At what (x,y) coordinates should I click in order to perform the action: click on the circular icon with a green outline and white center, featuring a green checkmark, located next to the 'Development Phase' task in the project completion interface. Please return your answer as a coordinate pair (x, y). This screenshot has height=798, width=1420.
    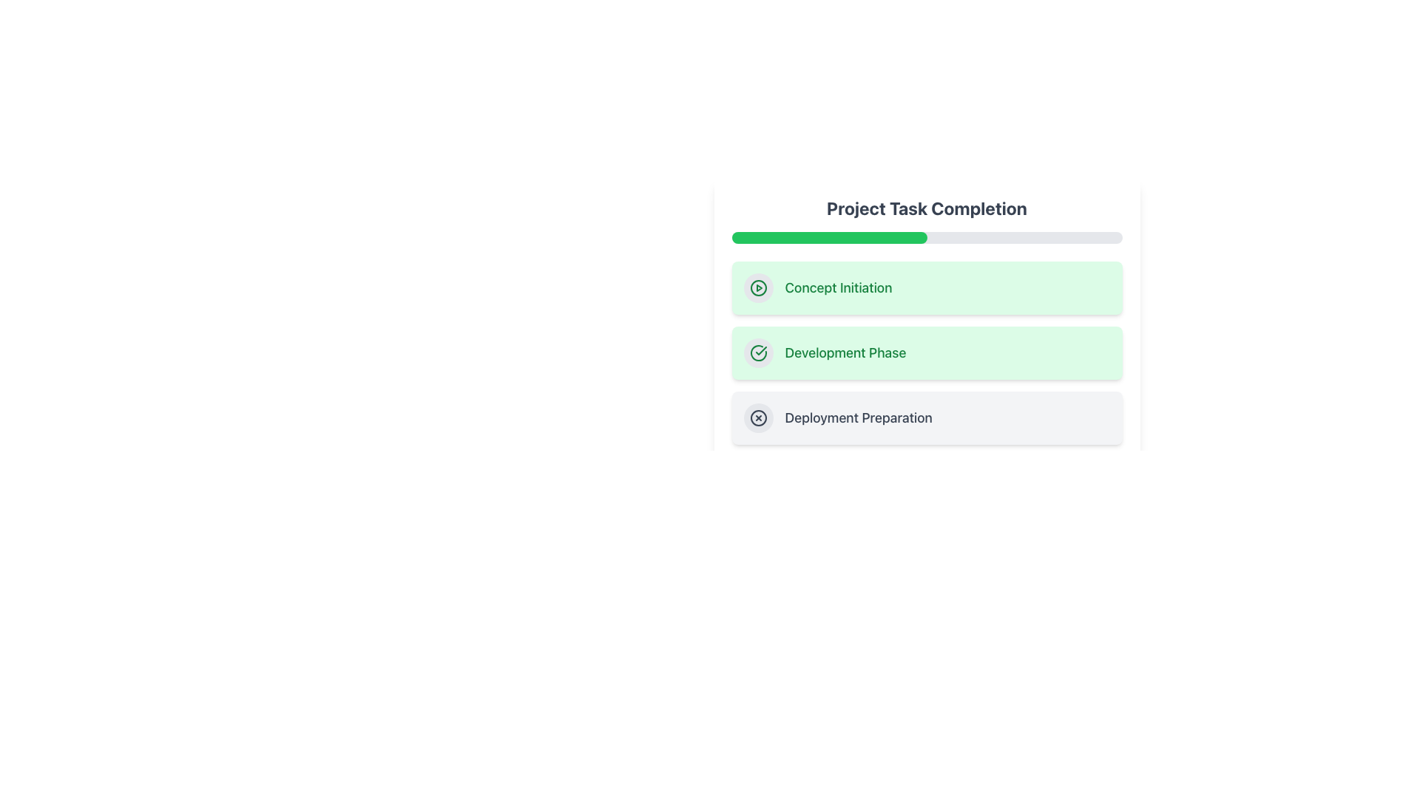
    Looking at the image, I should click on (758, 353).